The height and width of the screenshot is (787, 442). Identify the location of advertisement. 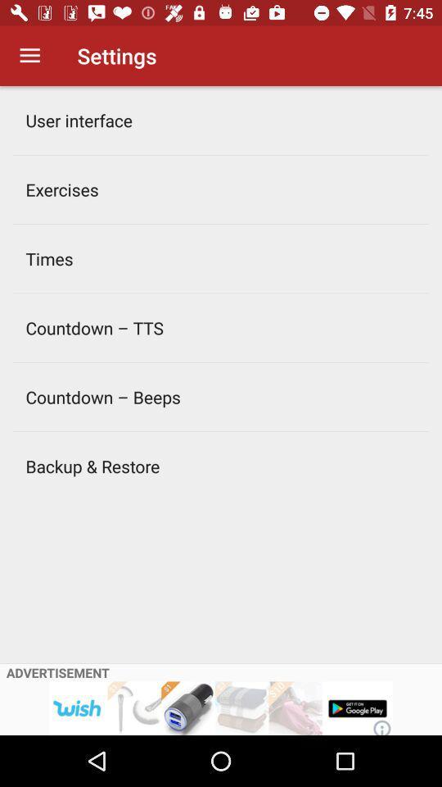
(221, 707).